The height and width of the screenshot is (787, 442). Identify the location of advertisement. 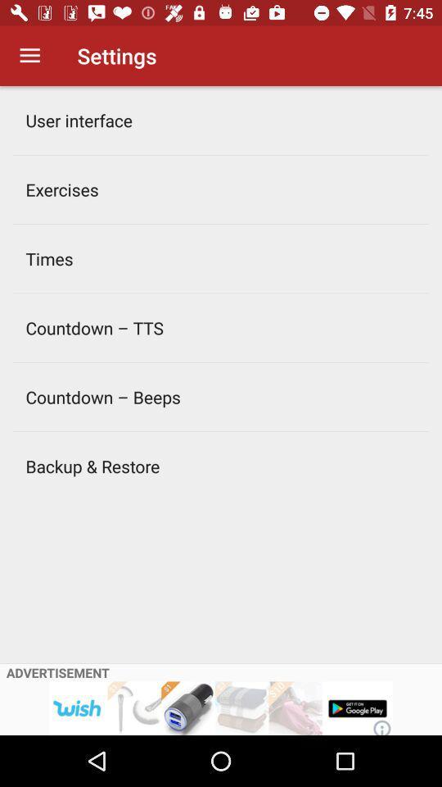
(221, 707).